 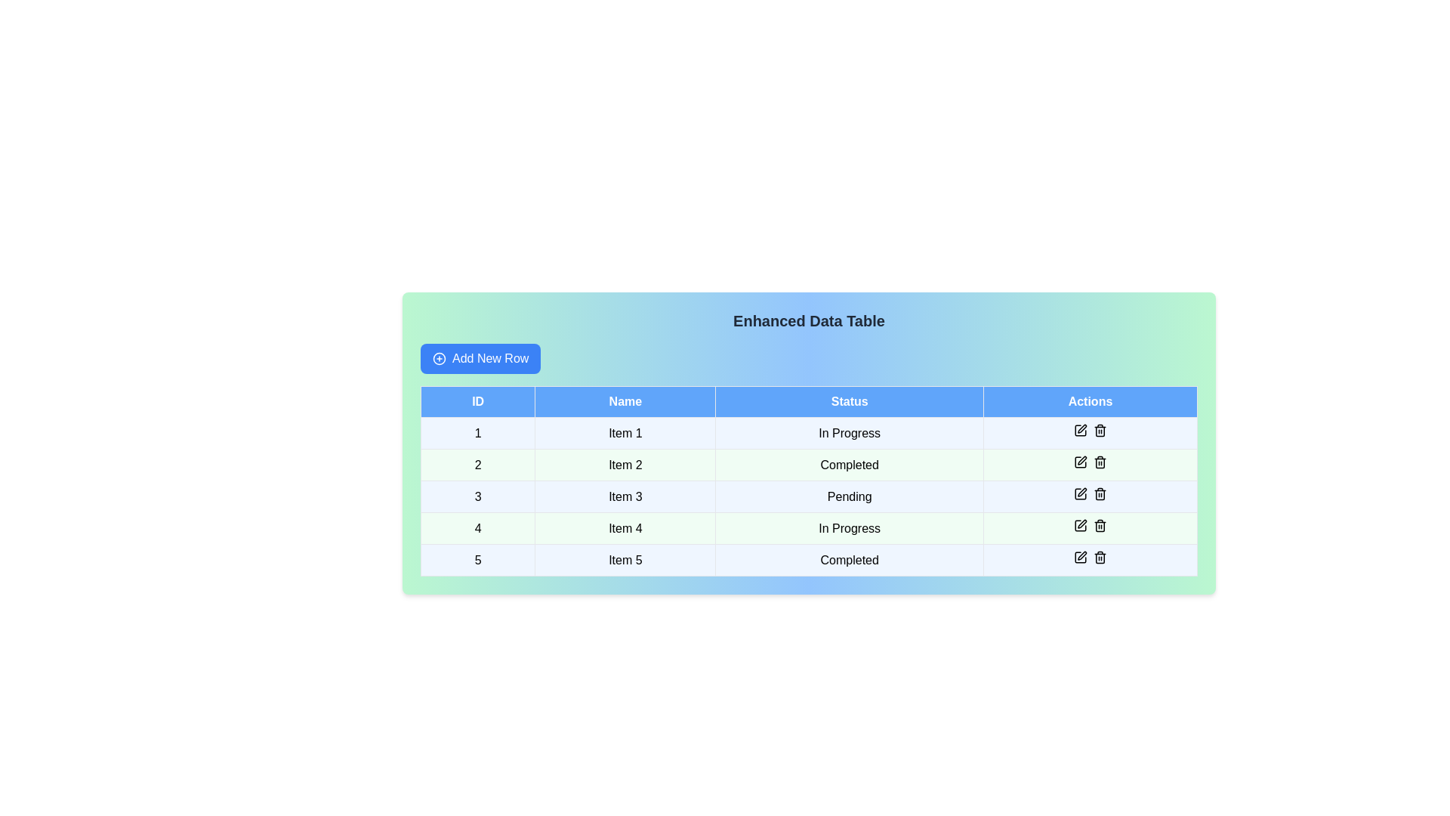 What do you see at coordinates (1100, 557) in the screenshot?
I see `the trash bin icon button located in the last row of the data table under the 'Actions' column` at bounding box center [1100, 557].